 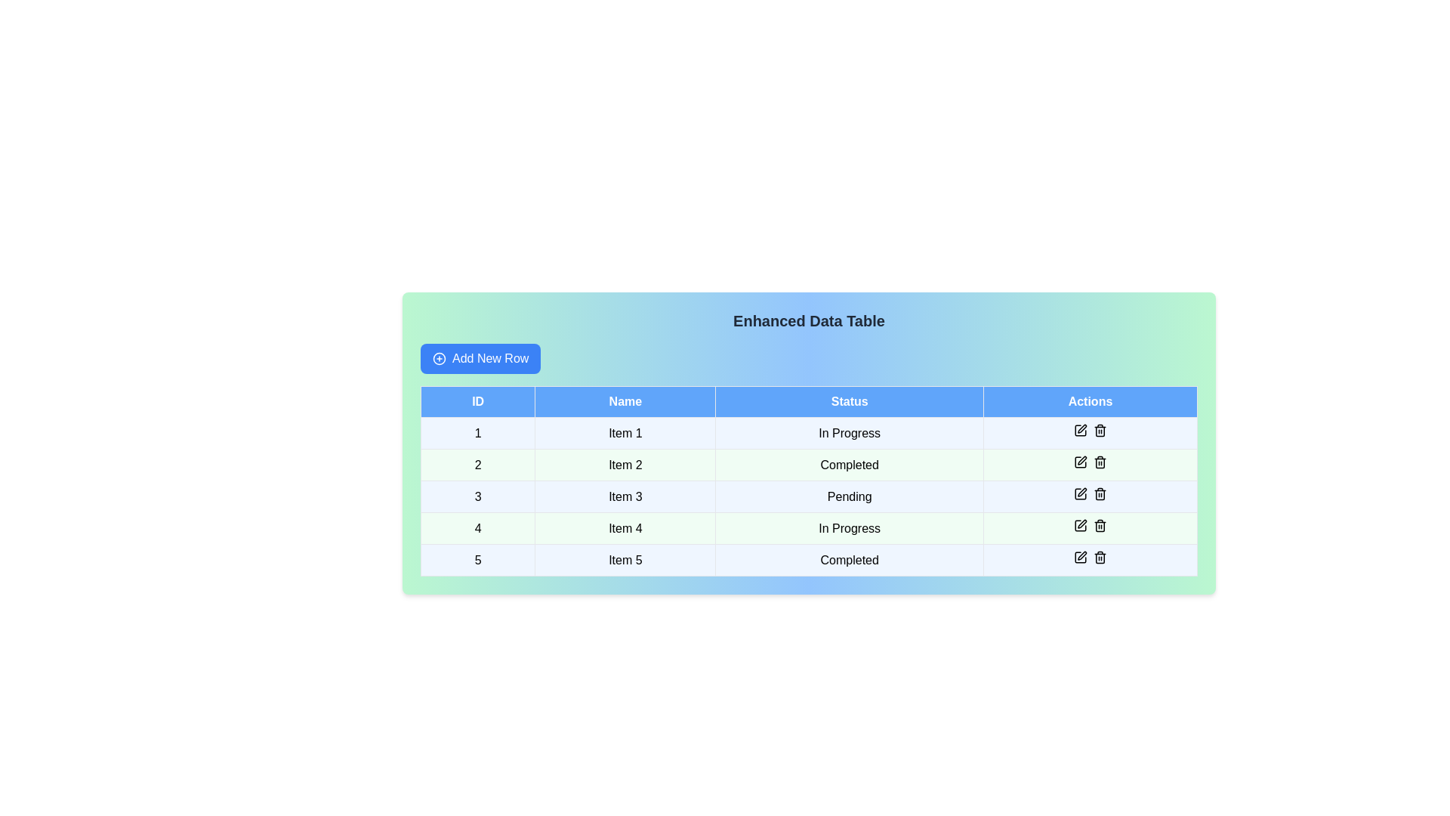 What do you see at coordinates (1100, 557) in the screenshot?
I see `the trash bin icon button located in the last row of the data table under the 'Actions' column` at bounding box center [1100, 557].